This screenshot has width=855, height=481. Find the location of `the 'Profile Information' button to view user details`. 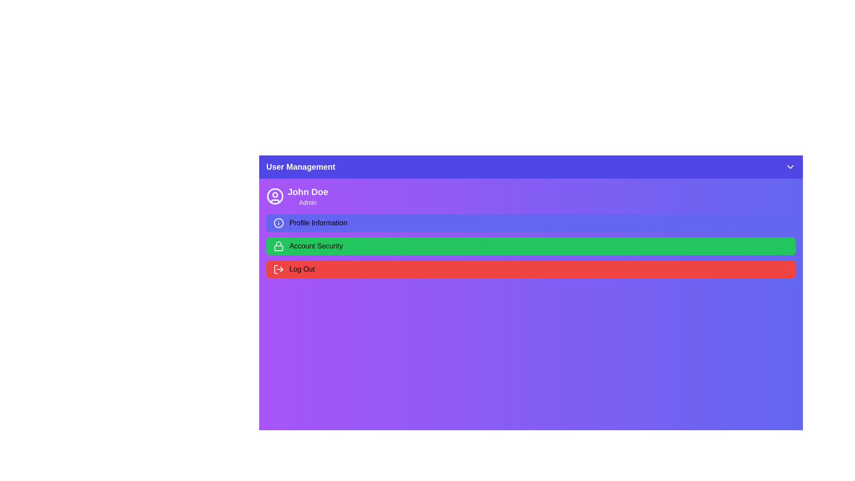

the 'Profile Information' button to view user details is located at coordinates (318, 223).